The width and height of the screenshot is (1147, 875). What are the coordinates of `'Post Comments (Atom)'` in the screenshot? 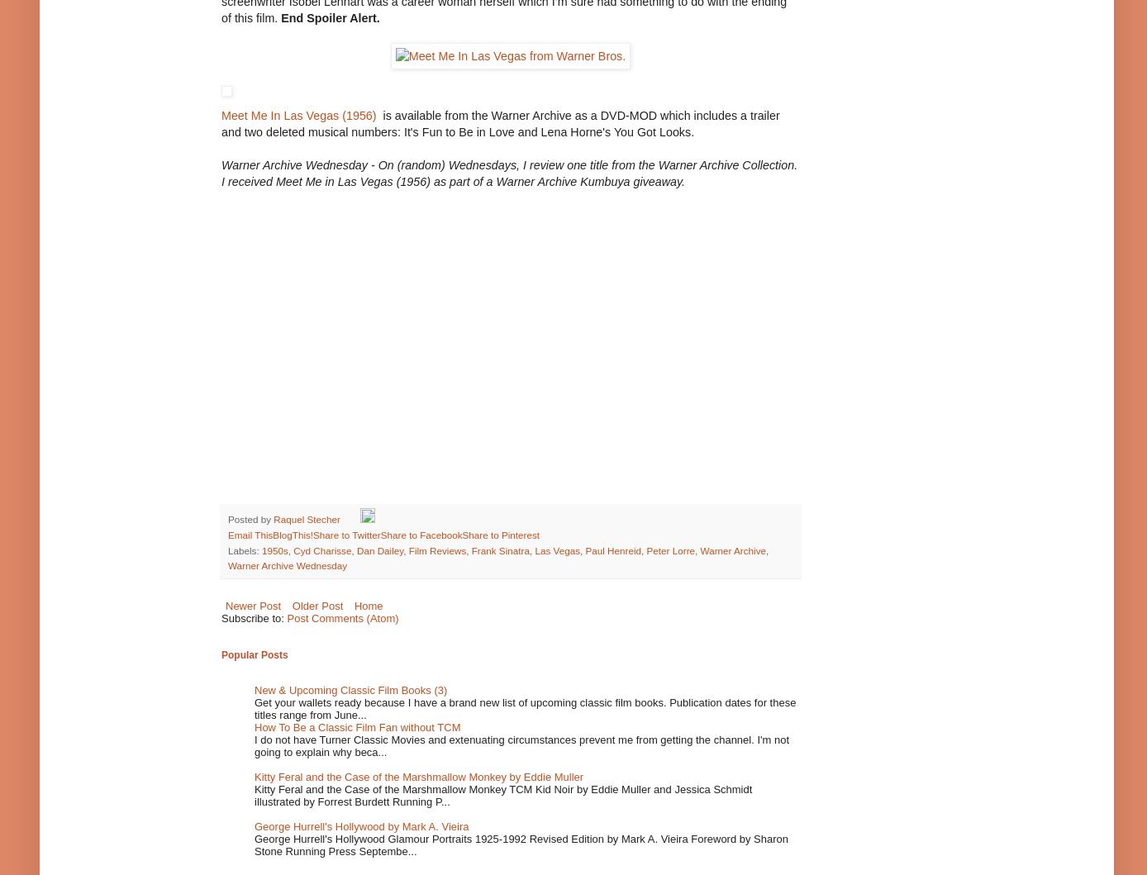 It's located at (341, 617).